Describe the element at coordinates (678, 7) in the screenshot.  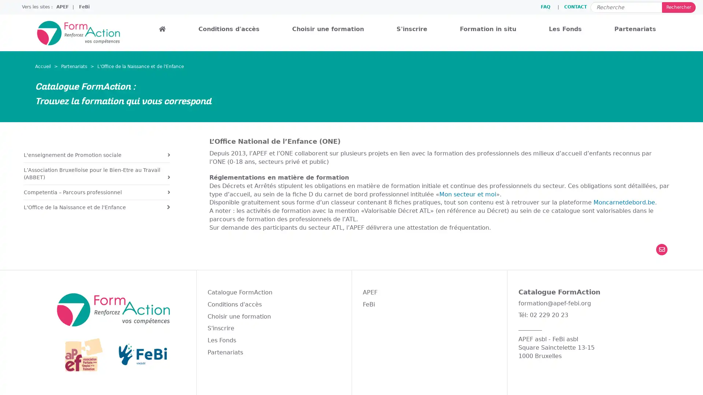
I see `Rechercher` at that location.